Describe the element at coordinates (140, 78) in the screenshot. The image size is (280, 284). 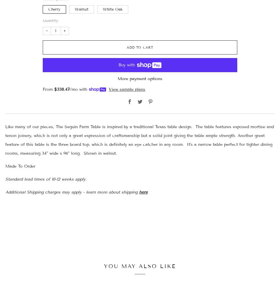
I see `'More payment options'` at that location.